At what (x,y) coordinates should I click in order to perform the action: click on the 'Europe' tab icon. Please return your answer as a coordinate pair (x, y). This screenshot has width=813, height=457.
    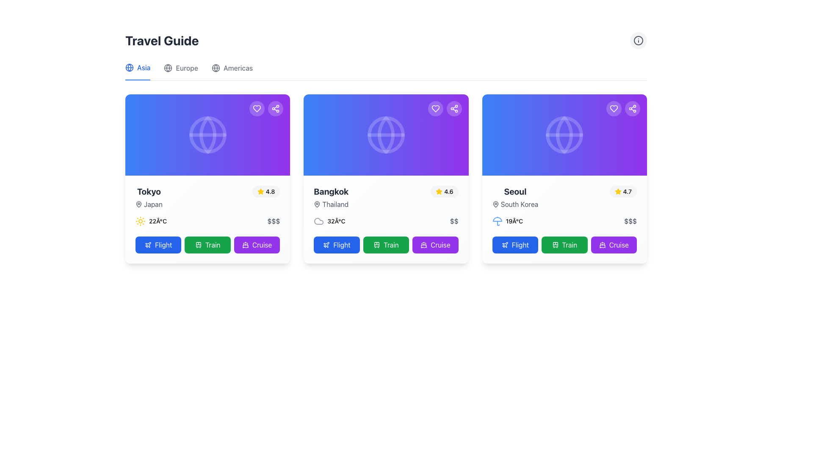
    Looking at the image, I should click on (168, 68).